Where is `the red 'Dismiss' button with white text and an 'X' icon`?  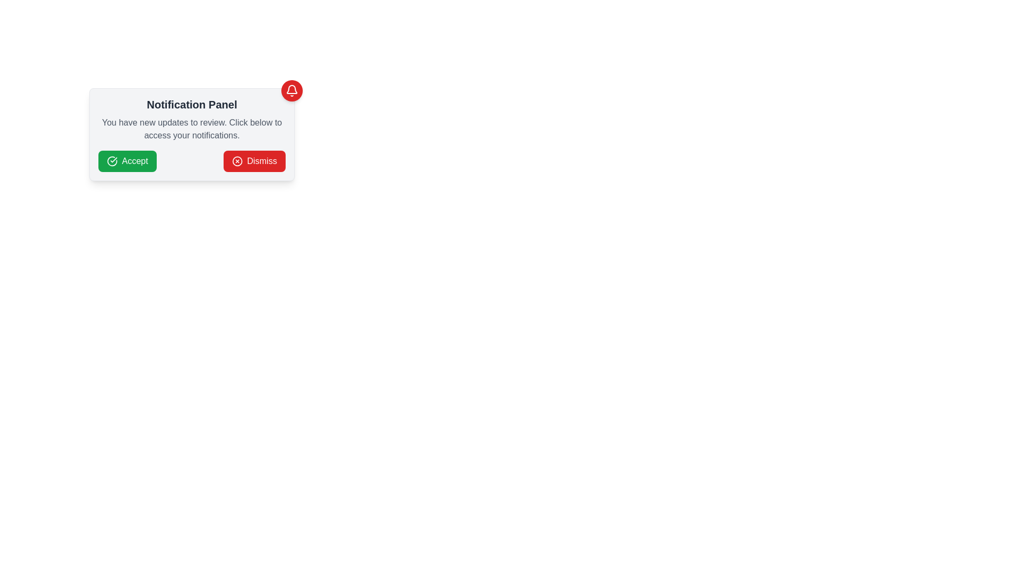 the red 'Dismiss' button with white text and an 'X' icon is located at coordinates (254, 161).